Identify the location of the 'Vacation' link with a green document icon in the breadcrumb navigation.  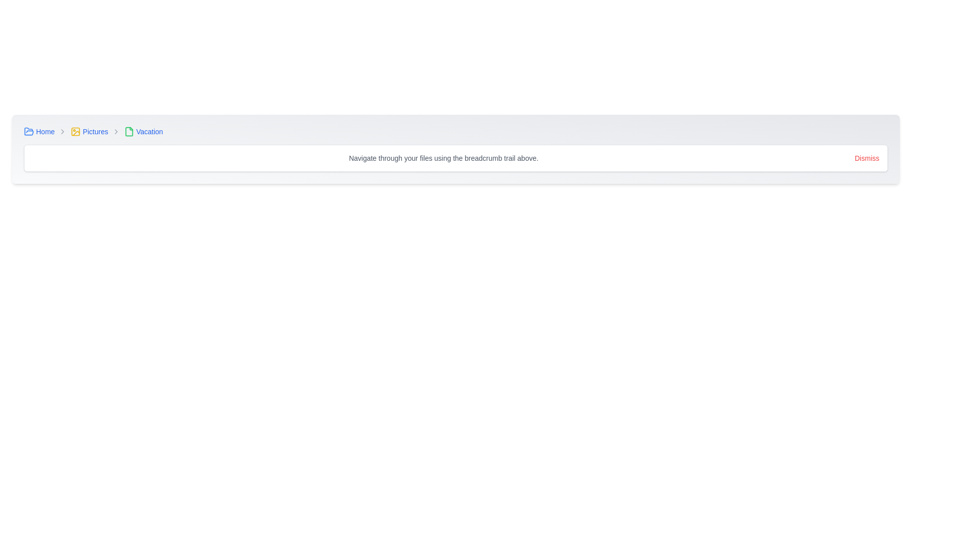
(143, 131).